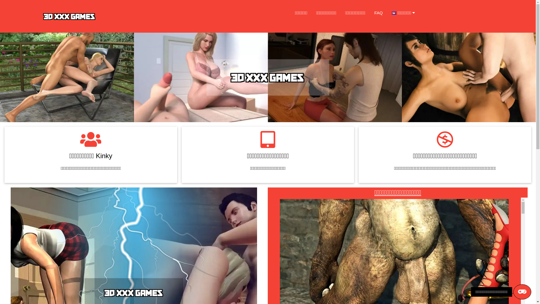 The image size is (540, 304). I want to click on 'FAQ', so click(370, 13).